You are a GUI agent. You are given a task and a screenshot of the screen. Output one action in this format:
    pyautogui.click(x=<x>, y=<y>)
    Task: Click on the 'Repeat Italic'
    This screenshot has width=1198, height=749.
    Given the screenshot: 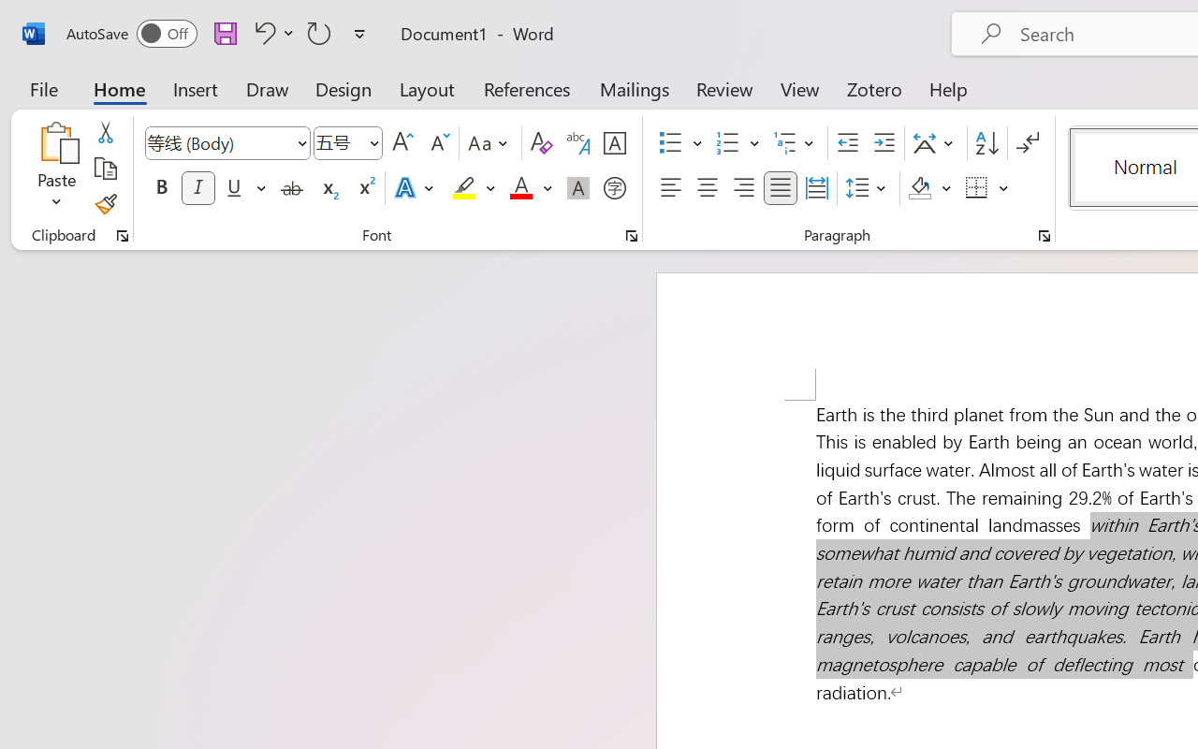 What is the action you would take?
    pyautogui.click(x=319, y=32)
    